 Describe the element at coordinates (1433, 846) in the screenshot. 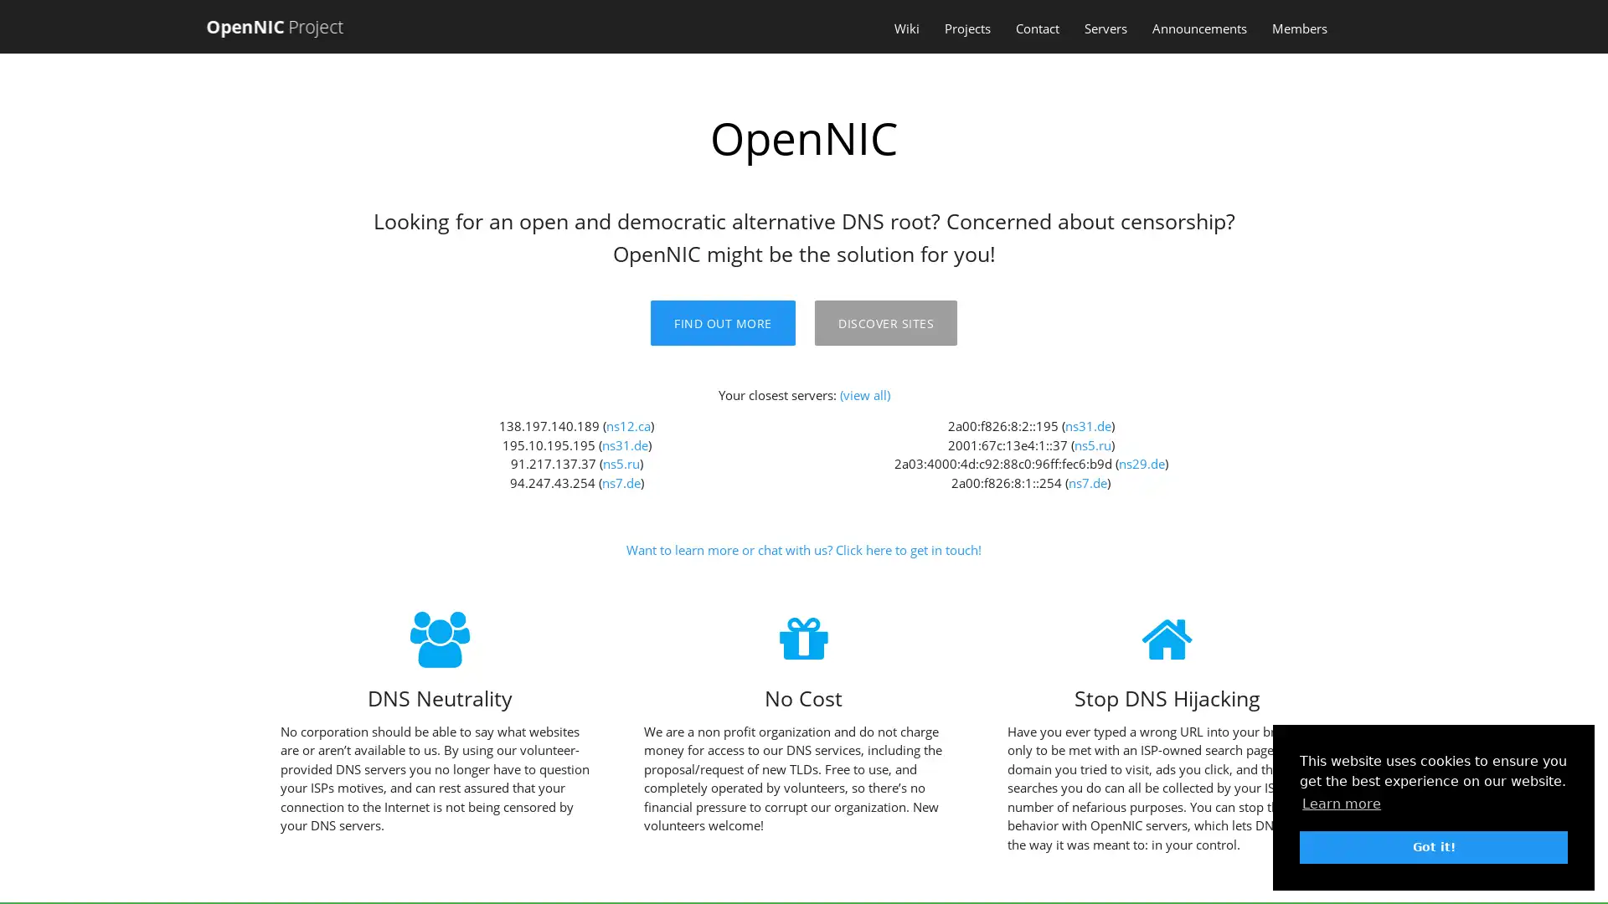

I see `dismiss cookie message` at that location.